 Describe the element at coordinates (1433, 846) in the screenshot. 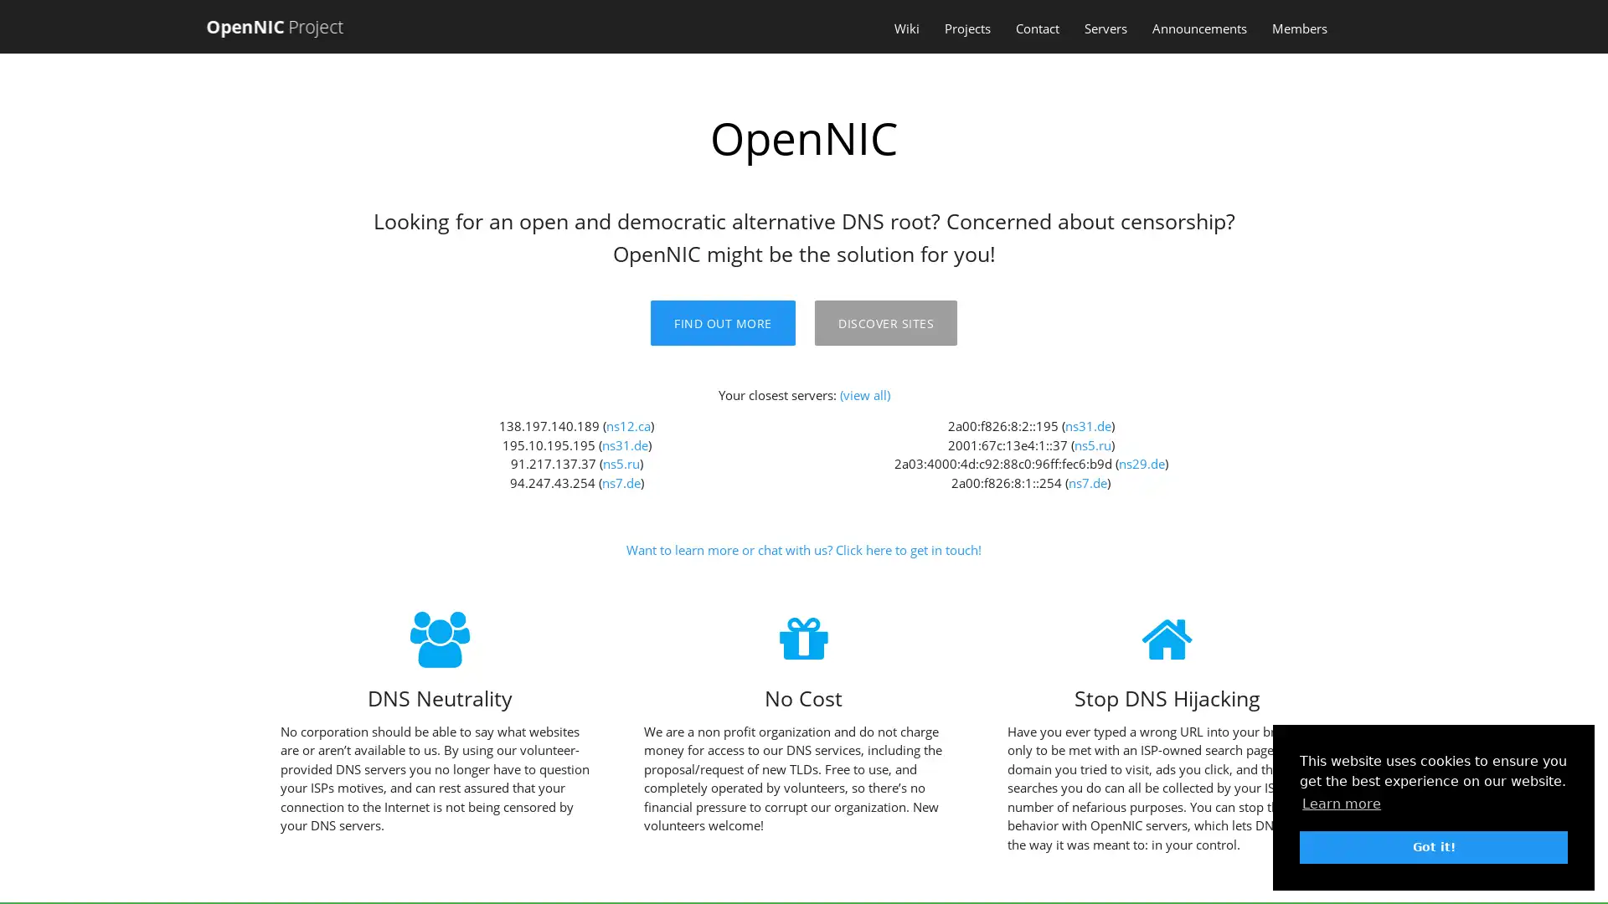

I see `dismiss cookie message` at that location.